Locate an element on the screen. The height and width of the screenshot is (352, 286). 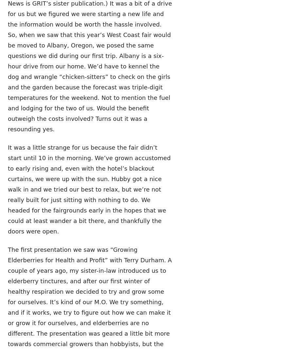
'Keep your livestock safe, healthy, and productive' is located at coordinates (155, 84).